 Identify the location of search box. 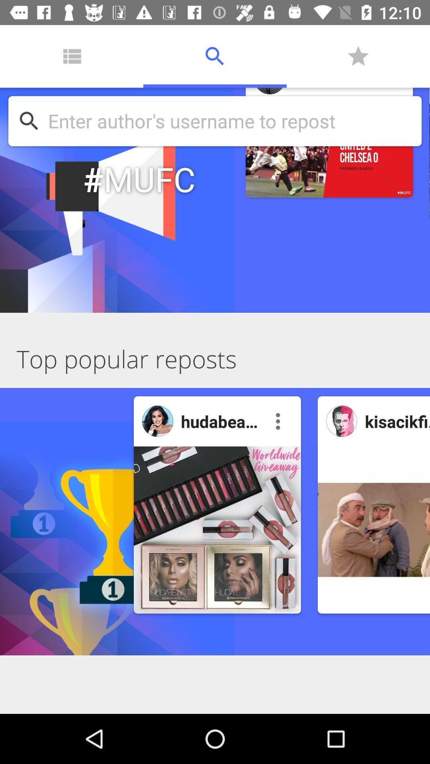
(231, 121).